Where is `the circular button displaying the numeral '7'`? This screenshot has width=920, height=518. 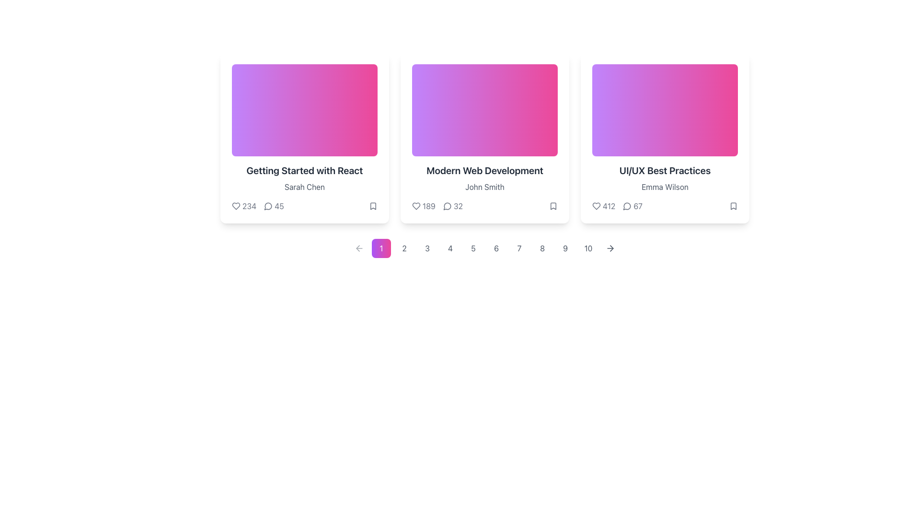 the circular button displaying the numeral '7' is located at coordinates (519, 247).